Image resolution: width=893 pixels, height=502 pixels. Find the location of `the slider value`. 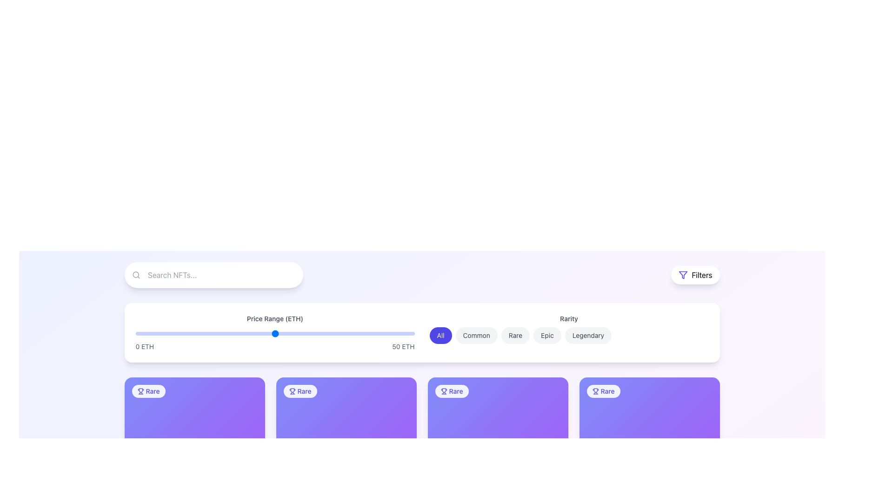

the slider value is located at coordinates (303, 333).